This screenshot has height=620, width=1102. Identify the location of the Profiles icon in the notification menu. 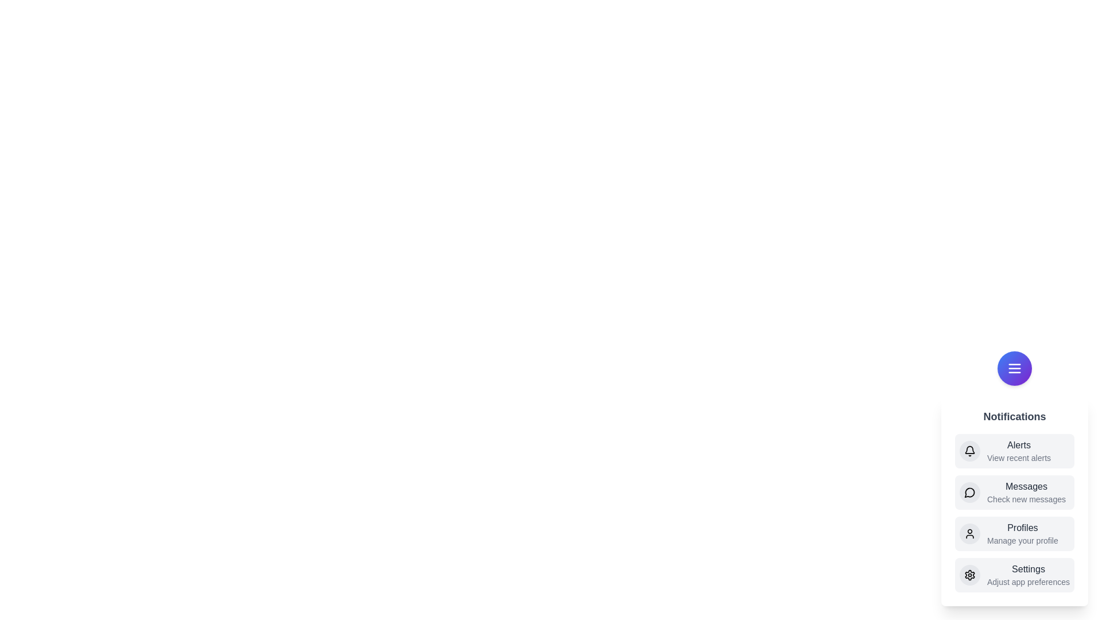
(969, 533).